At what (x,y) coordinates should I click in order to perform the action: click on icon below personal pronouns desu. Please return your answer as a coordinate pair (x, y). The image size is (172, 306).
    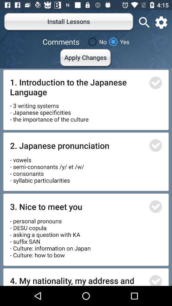
    Looking at the image, I should click on (77, 280).